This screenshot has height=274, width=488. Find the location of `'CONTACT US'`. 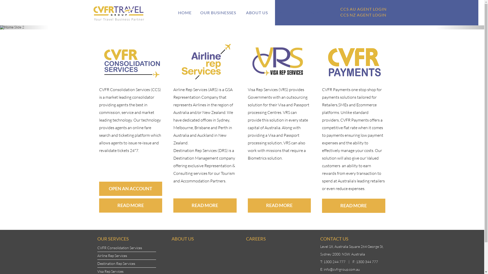

'CONTACT US' is located at coordinates (334, 239).